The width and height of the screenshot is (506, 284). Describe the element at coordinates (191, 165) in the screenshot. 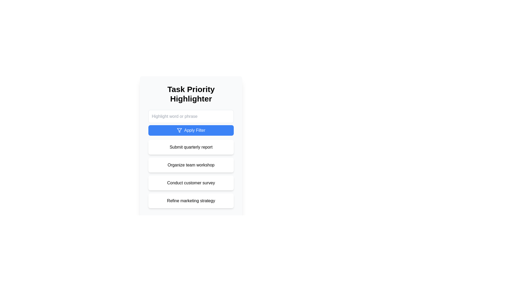

I see `the second task description button in the vertically stacked list` at that location.